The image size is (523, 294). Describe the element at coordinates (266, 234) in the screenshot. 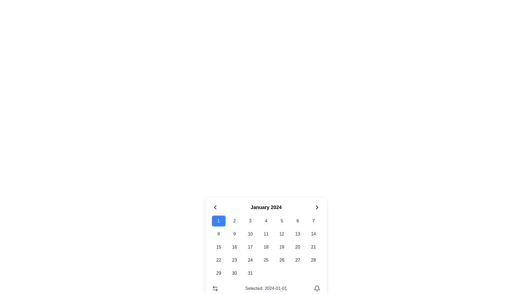

I see `the Interactive date button representing the date '11' in the calendar` at that location.